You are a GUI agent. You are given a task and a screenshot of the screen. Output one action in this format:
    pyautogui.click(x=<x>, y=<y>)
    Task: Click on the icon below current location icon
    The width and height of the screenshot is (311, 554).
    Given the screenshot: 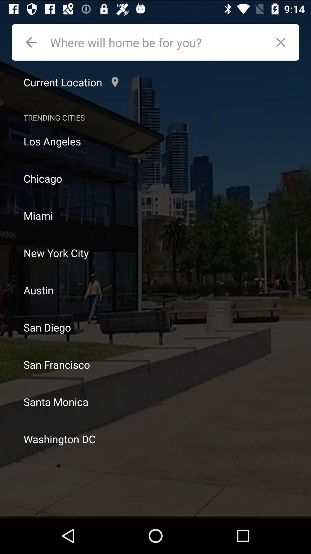 What is the action you would take?
    pyautogui.click(x=155, y=101)
    